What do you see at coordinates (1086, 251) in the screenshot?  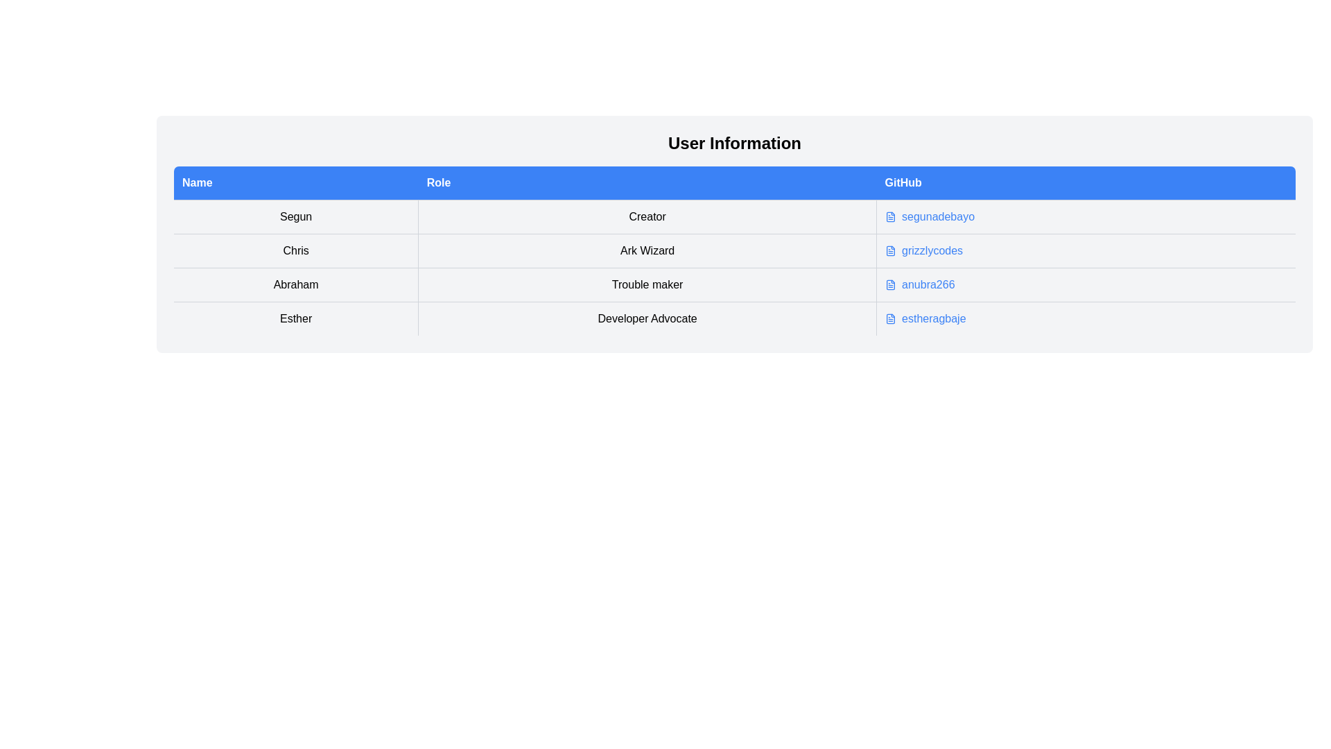 I see `the hyperlink labeled 'grizzlycodes' in the 'GitHub' column of the table under the row labeled 'Ark Wizard'` at bounding box center [1086, 251].